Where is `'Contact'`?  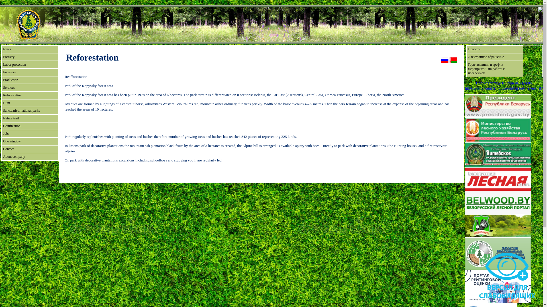
'Contact' is located at coordinates (30, 149).